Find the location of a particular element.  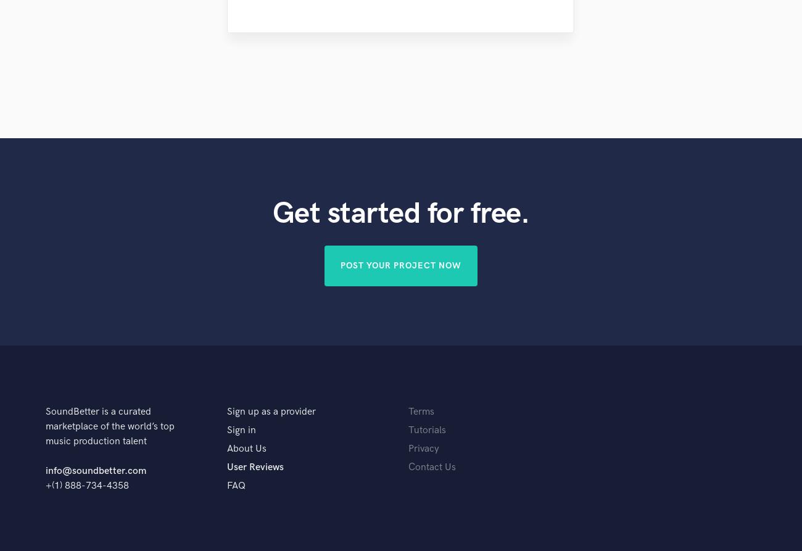

'info@soundbetter.com' is located at coordinates (95, 470).